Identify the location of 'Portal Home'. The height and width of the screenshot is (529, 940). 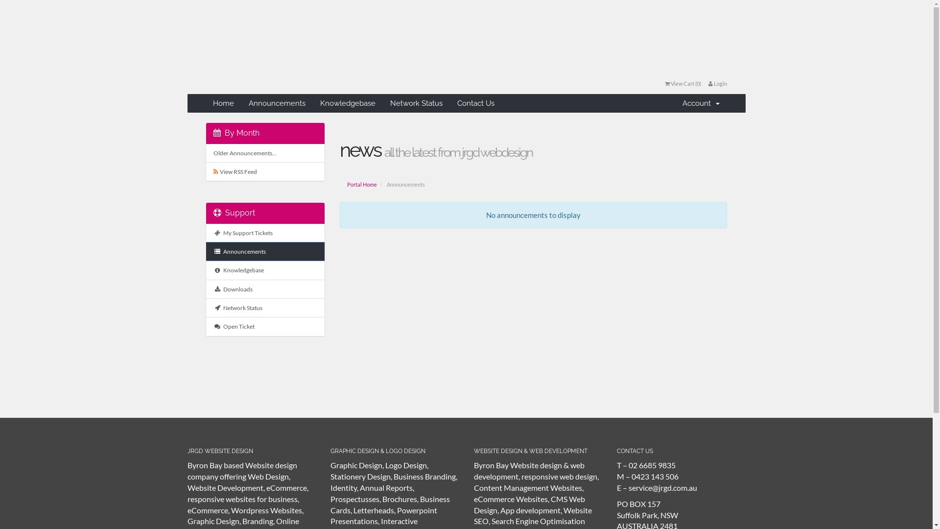
(361, 185).